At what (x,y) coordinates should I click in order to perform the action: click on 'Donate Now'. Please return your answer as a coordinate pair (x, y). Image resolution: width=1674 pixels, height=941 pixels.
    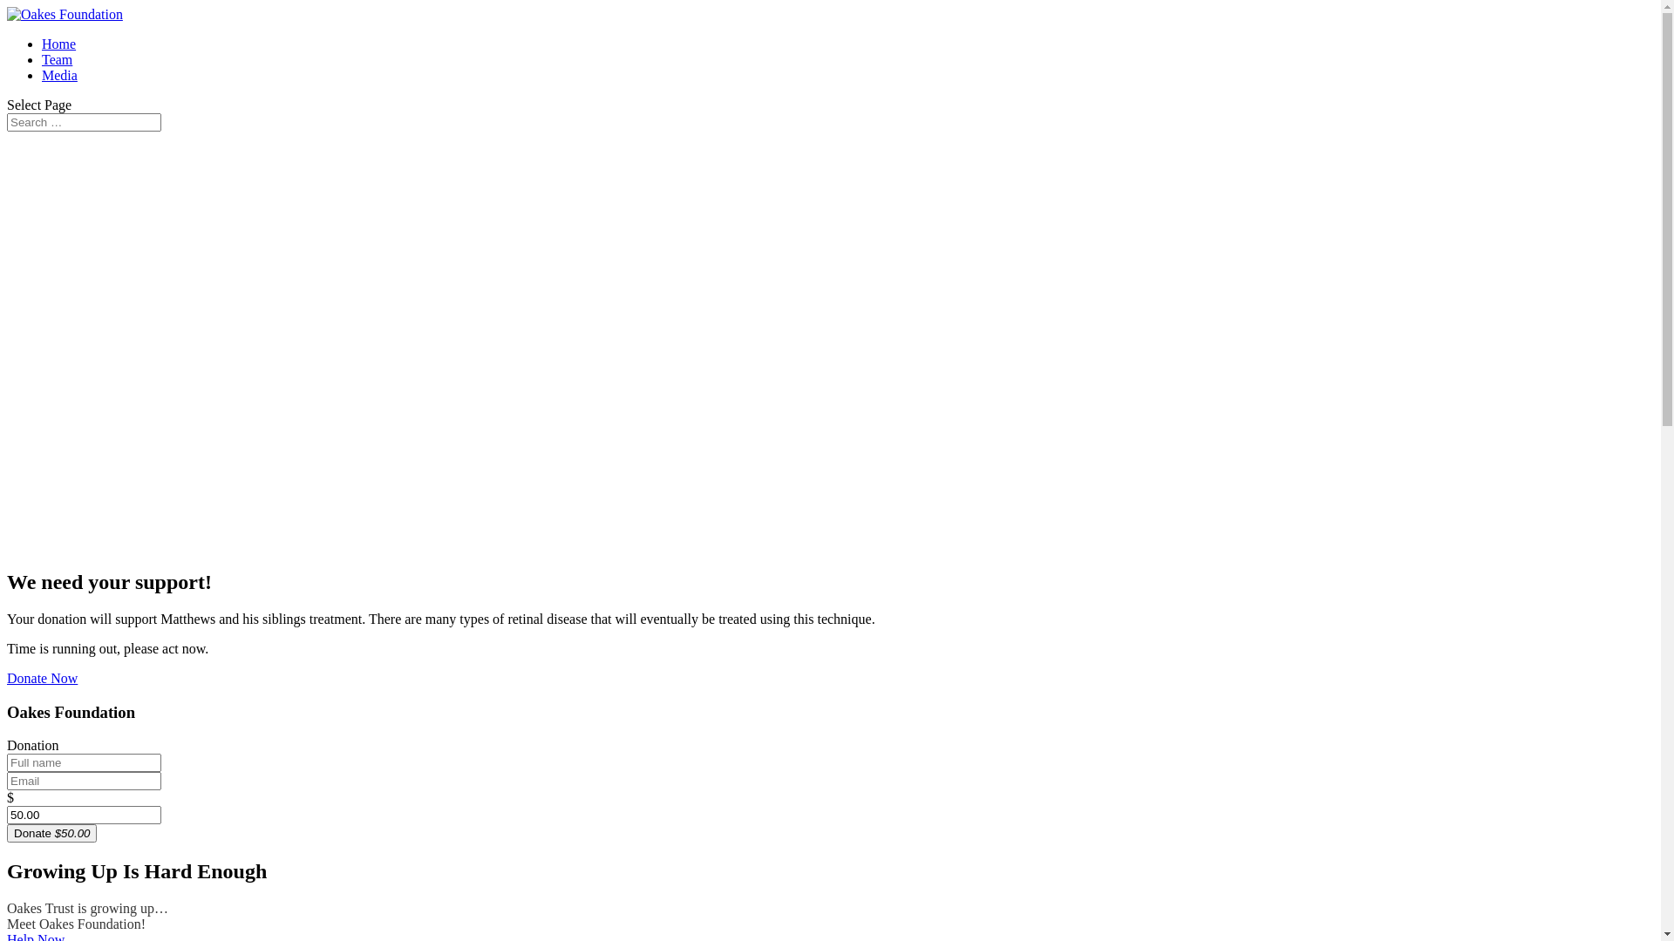
    Looking at the image, I should click on (42, 677).